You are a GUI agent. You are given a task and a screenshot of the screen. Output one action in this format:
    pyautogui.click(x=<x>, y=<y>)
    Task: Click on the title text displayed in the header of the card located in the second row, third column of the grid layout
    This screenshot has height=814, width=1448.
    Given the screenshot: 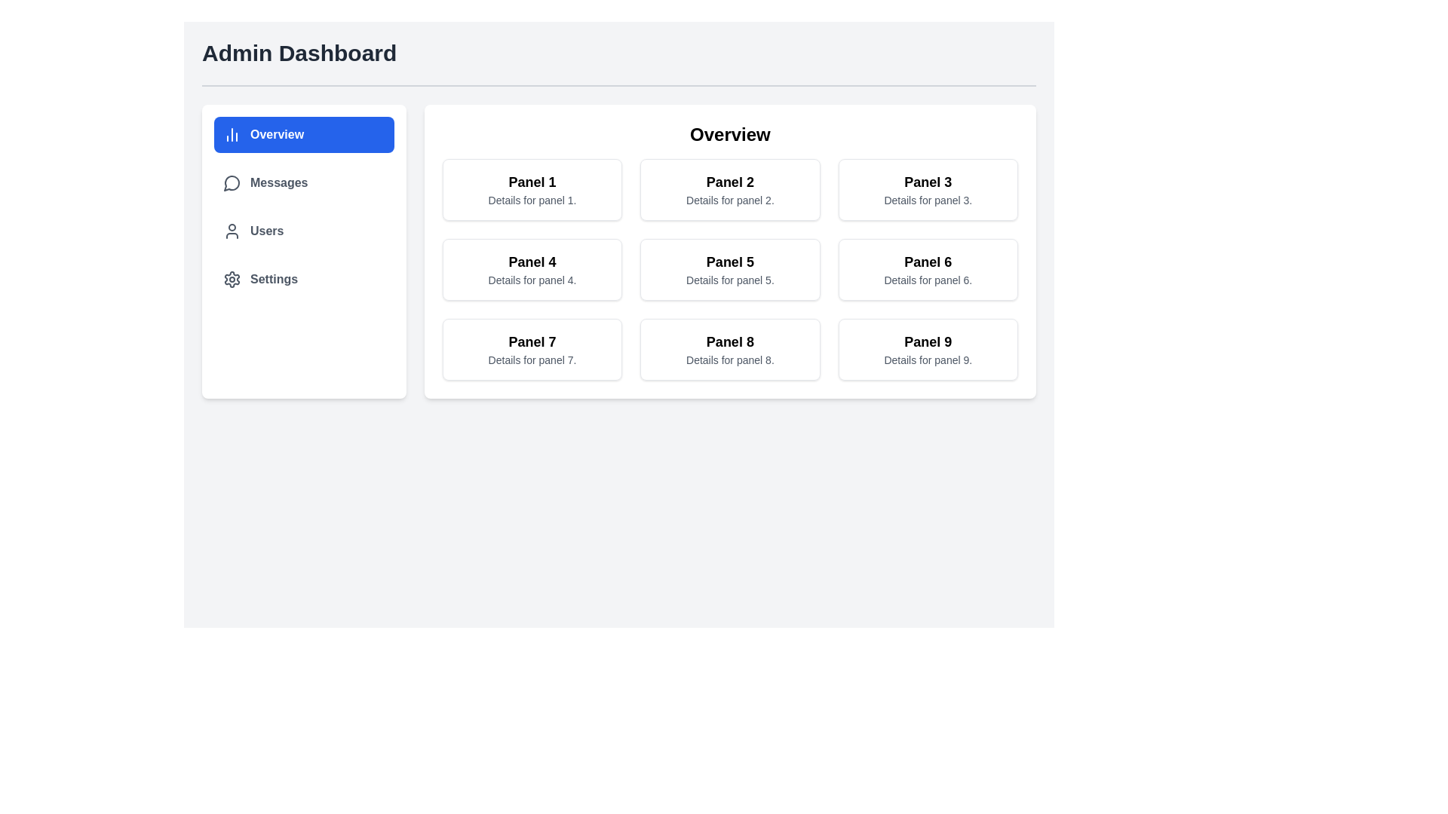 What is the action you would take?
    pyautogui.click(x=927, y=261)
    